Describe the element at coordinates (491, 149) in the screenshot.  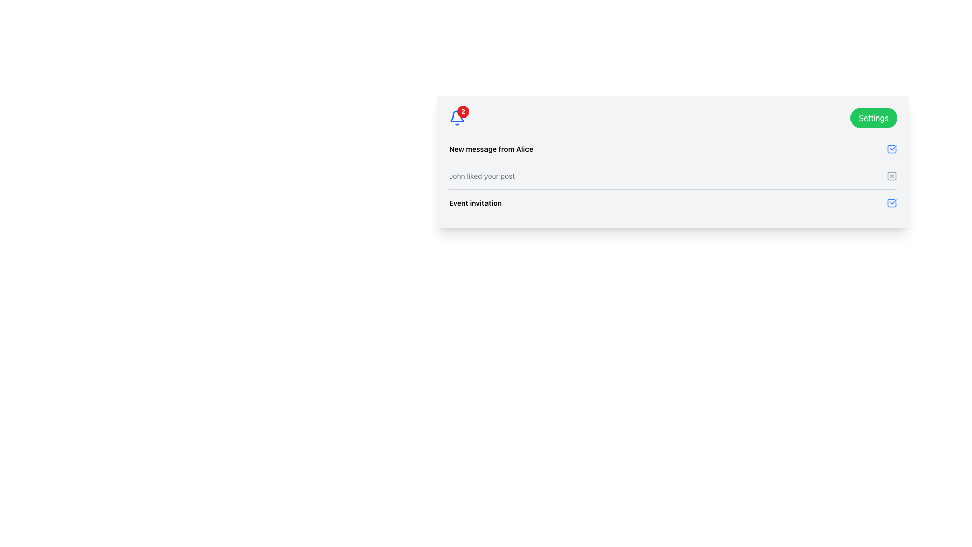
I see `Text Label that notifies the user about a new message from Alice, located at the top left corner of the notification panel` at that location.